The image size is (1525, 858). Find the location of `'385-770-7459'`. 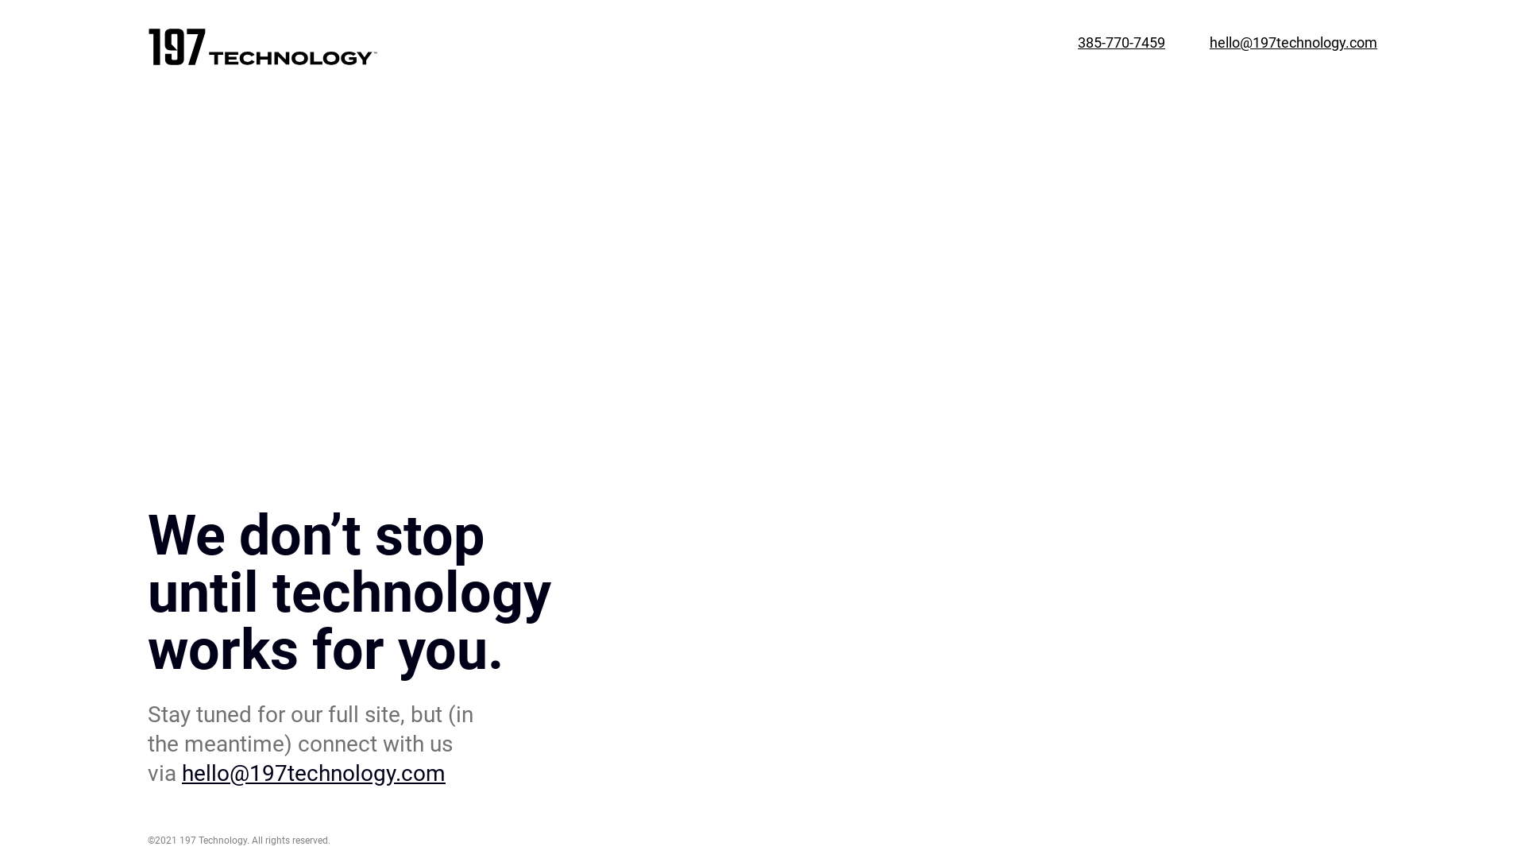

'385-770-7459' is located at coordinates (1078, 48).